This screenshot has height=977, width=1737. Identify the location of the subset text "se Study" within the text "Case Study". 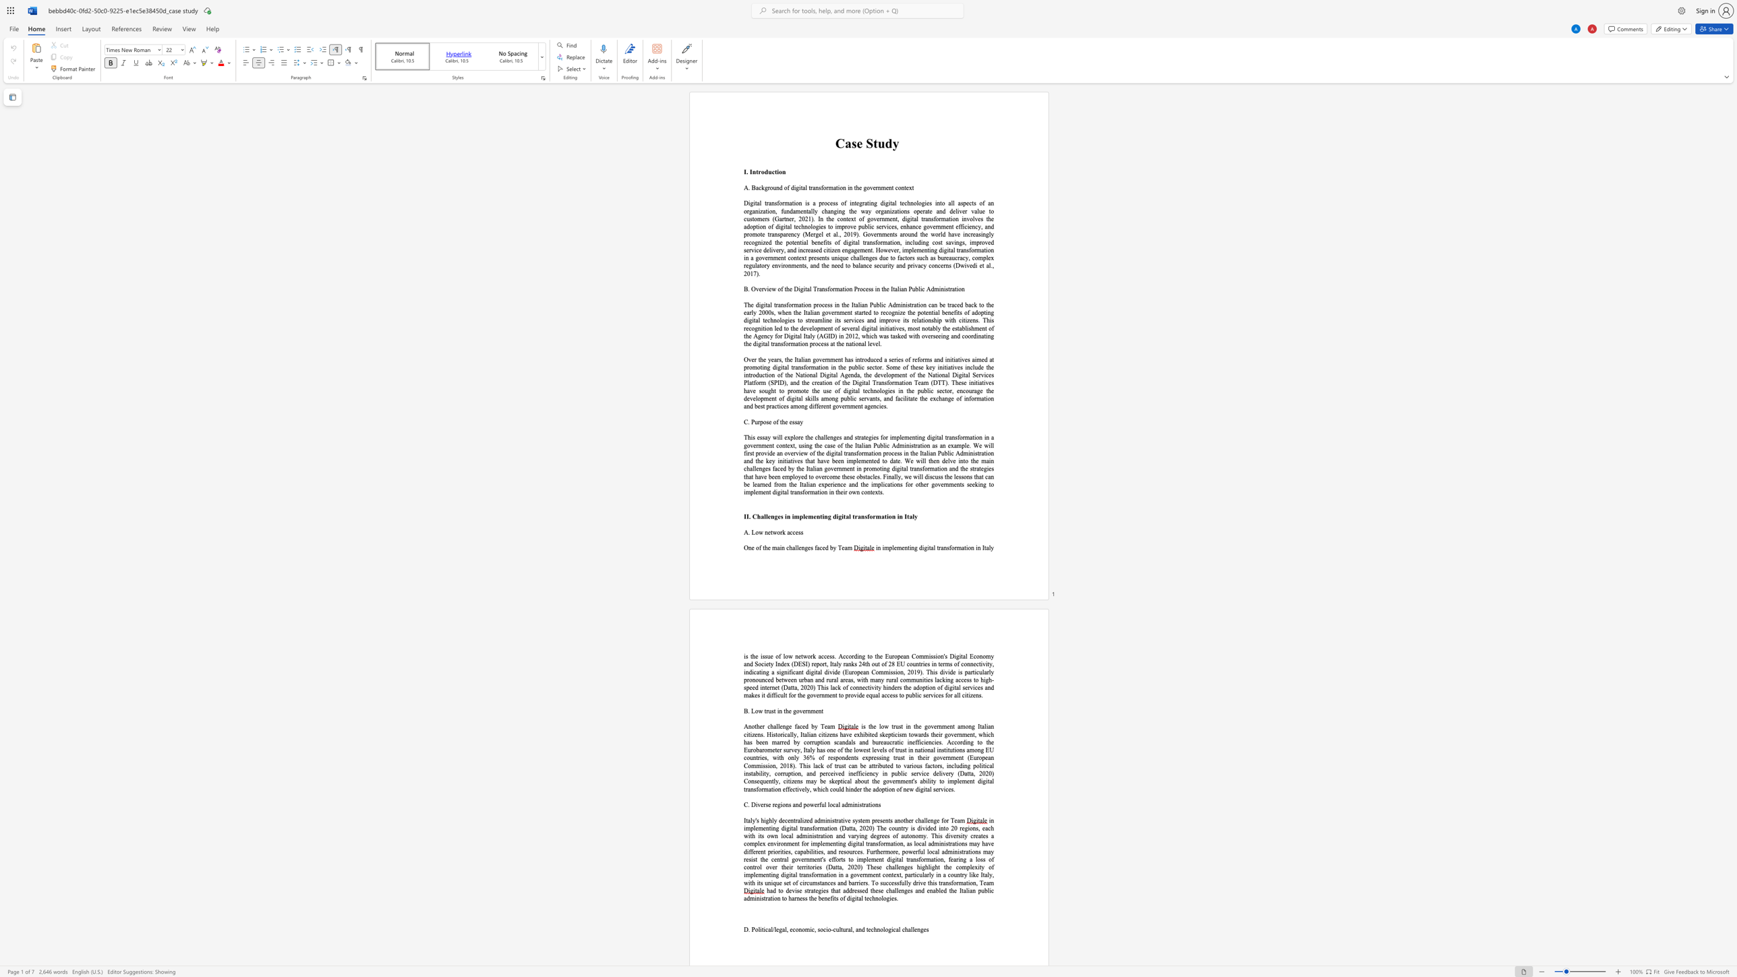
(850, 144).